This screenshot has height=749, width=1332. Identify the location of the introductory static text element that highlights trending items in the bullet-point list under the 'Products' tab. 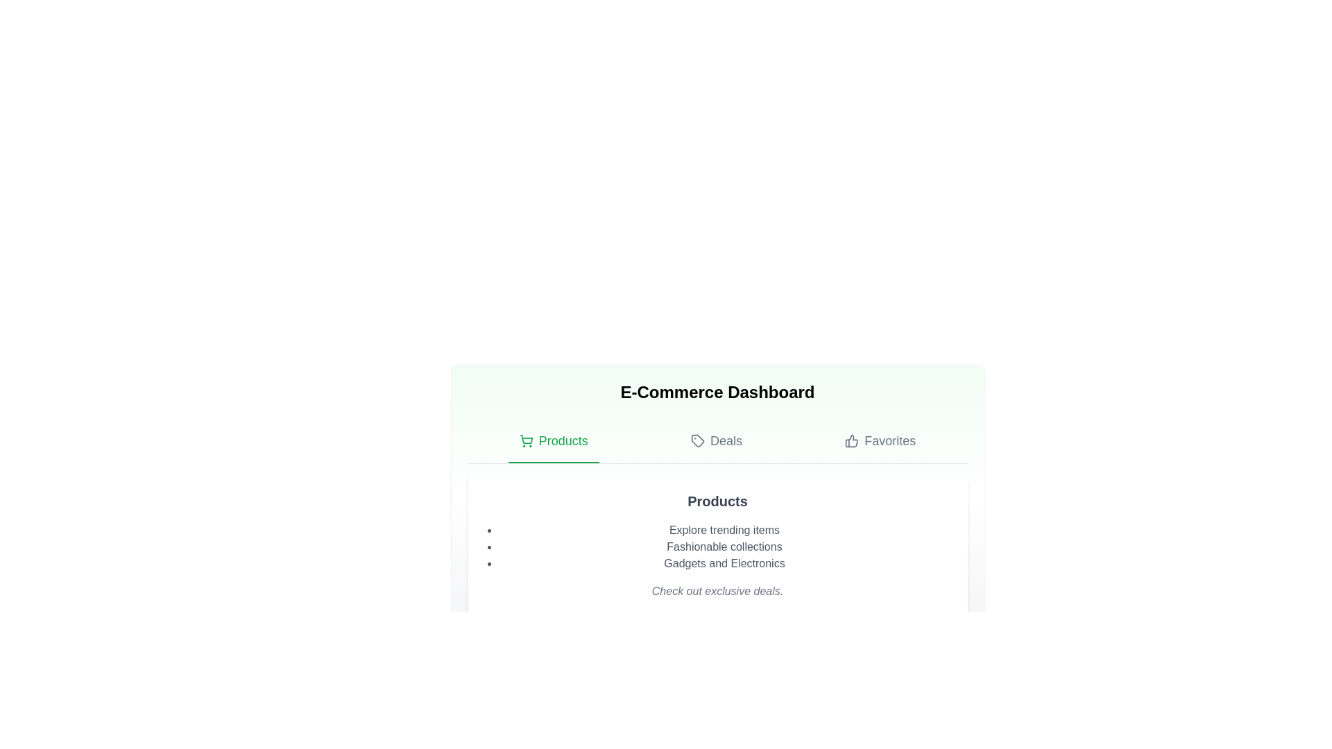
(724, 530).